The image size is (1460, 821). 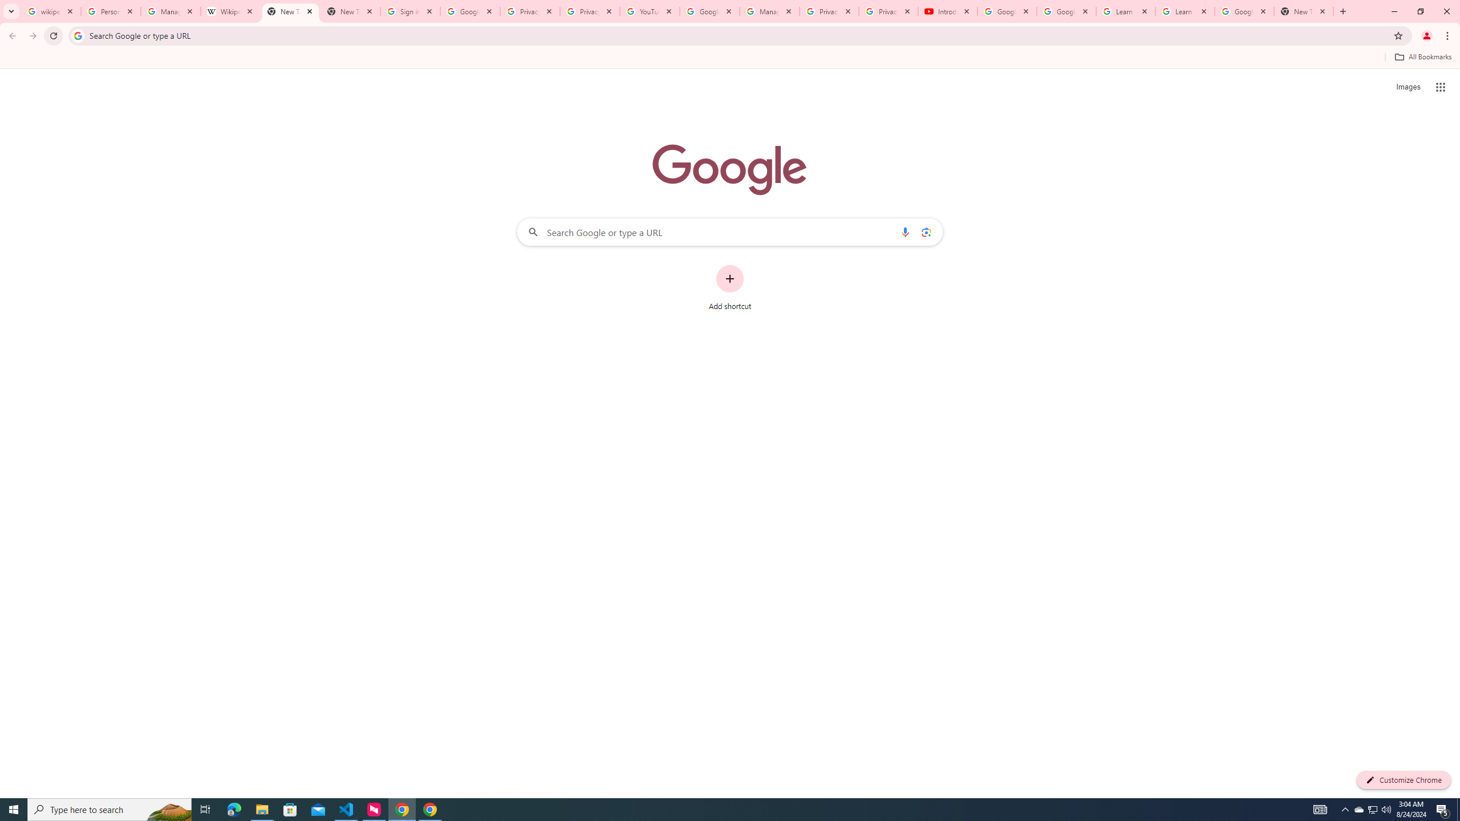 What do you see at coordinates (469, 11) in the screenshot?
I see `'Google Drive: Sign-in'` at bounding box center [469, 11].